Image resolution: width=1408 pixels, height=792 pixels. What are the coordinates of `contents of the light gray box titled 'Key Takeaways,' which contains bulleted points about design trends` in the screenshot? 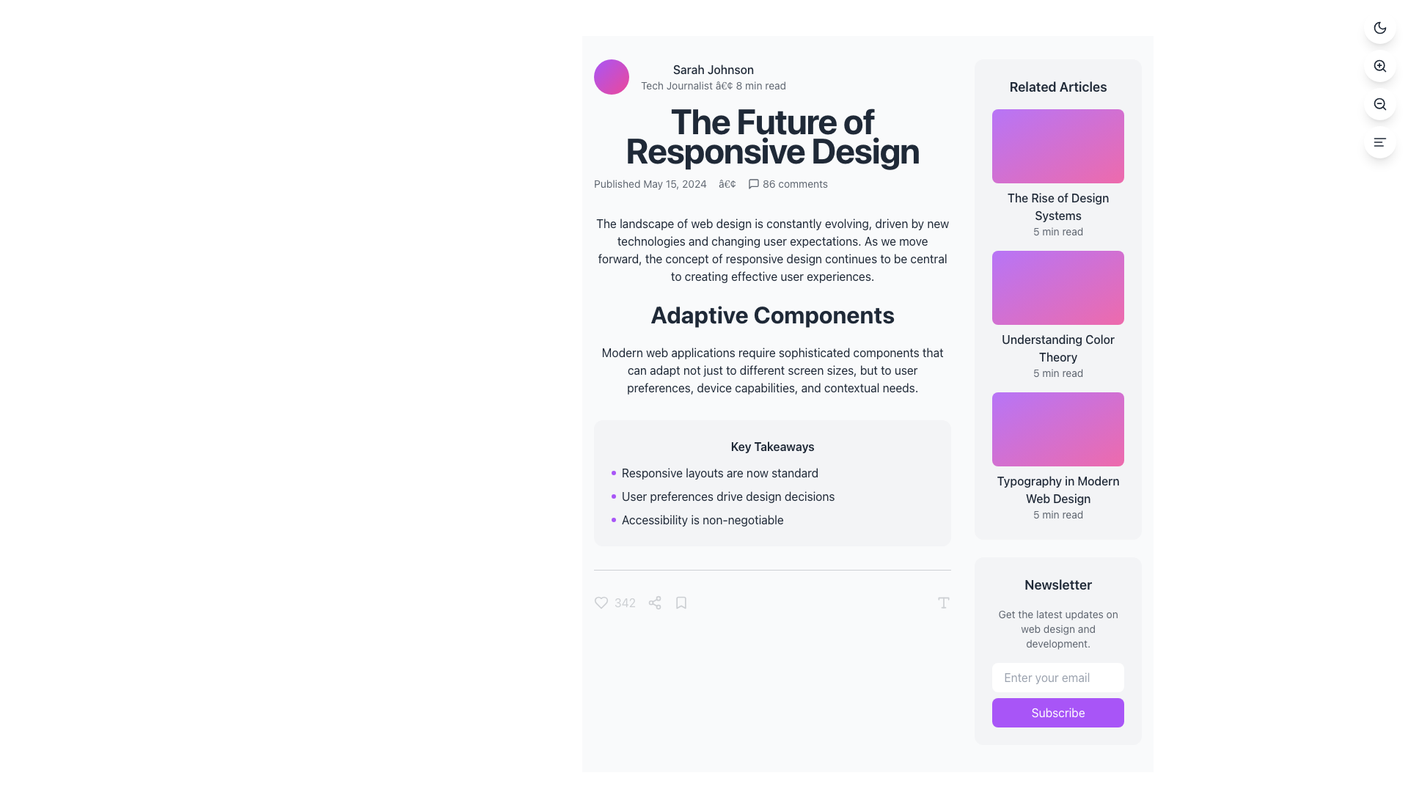 It's located at (771, 483).